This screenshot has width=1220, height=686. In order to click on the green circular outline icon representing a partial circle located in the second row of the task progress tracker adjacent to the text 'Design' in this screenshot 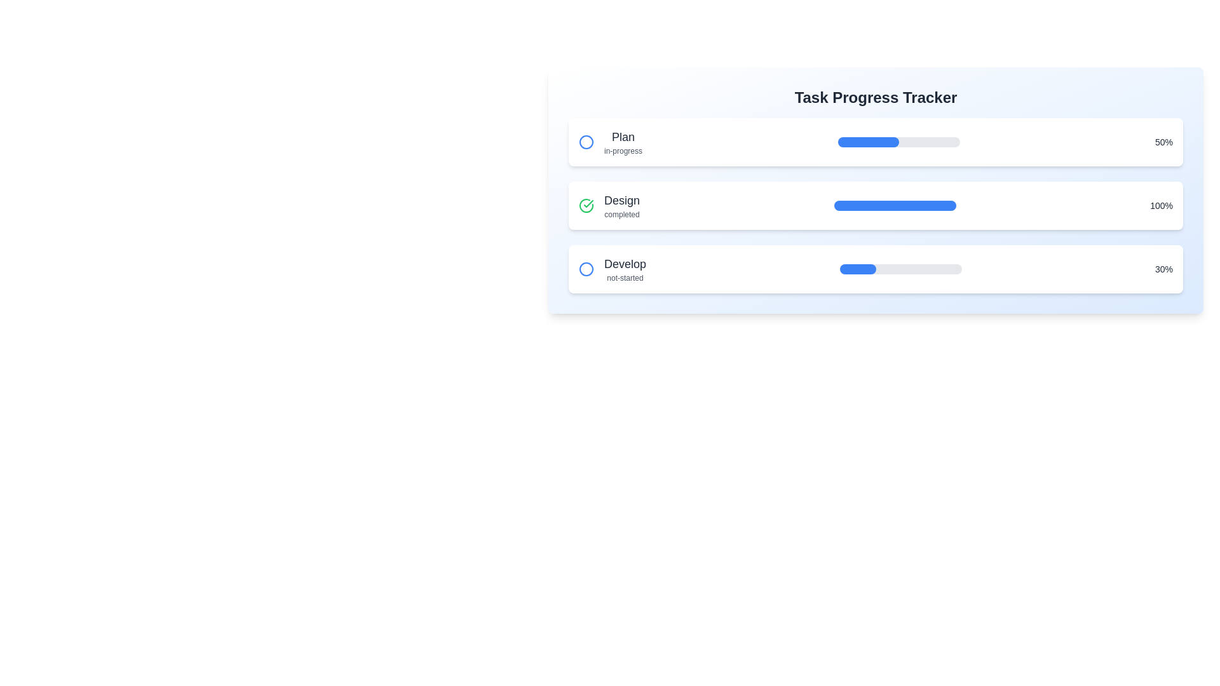, I will do `click(585, 205)`.